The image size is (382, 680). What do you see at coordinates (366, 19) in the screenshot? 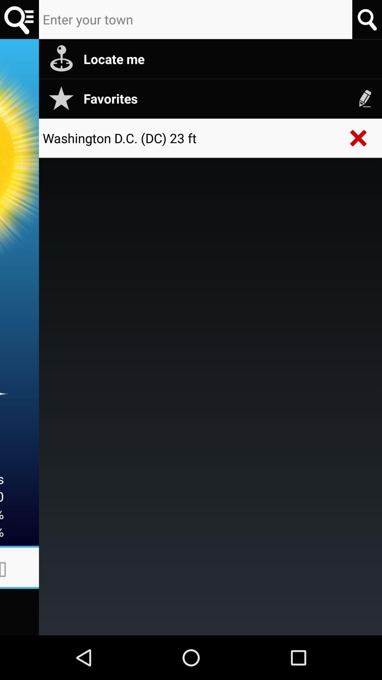
I see `item above the locate me app` at bounding box center [366, 19].